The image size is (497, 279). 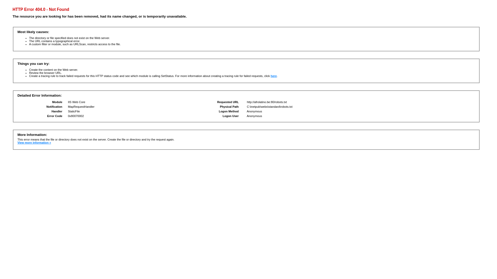 I want to click on 'here', so click(x=273, y=76).